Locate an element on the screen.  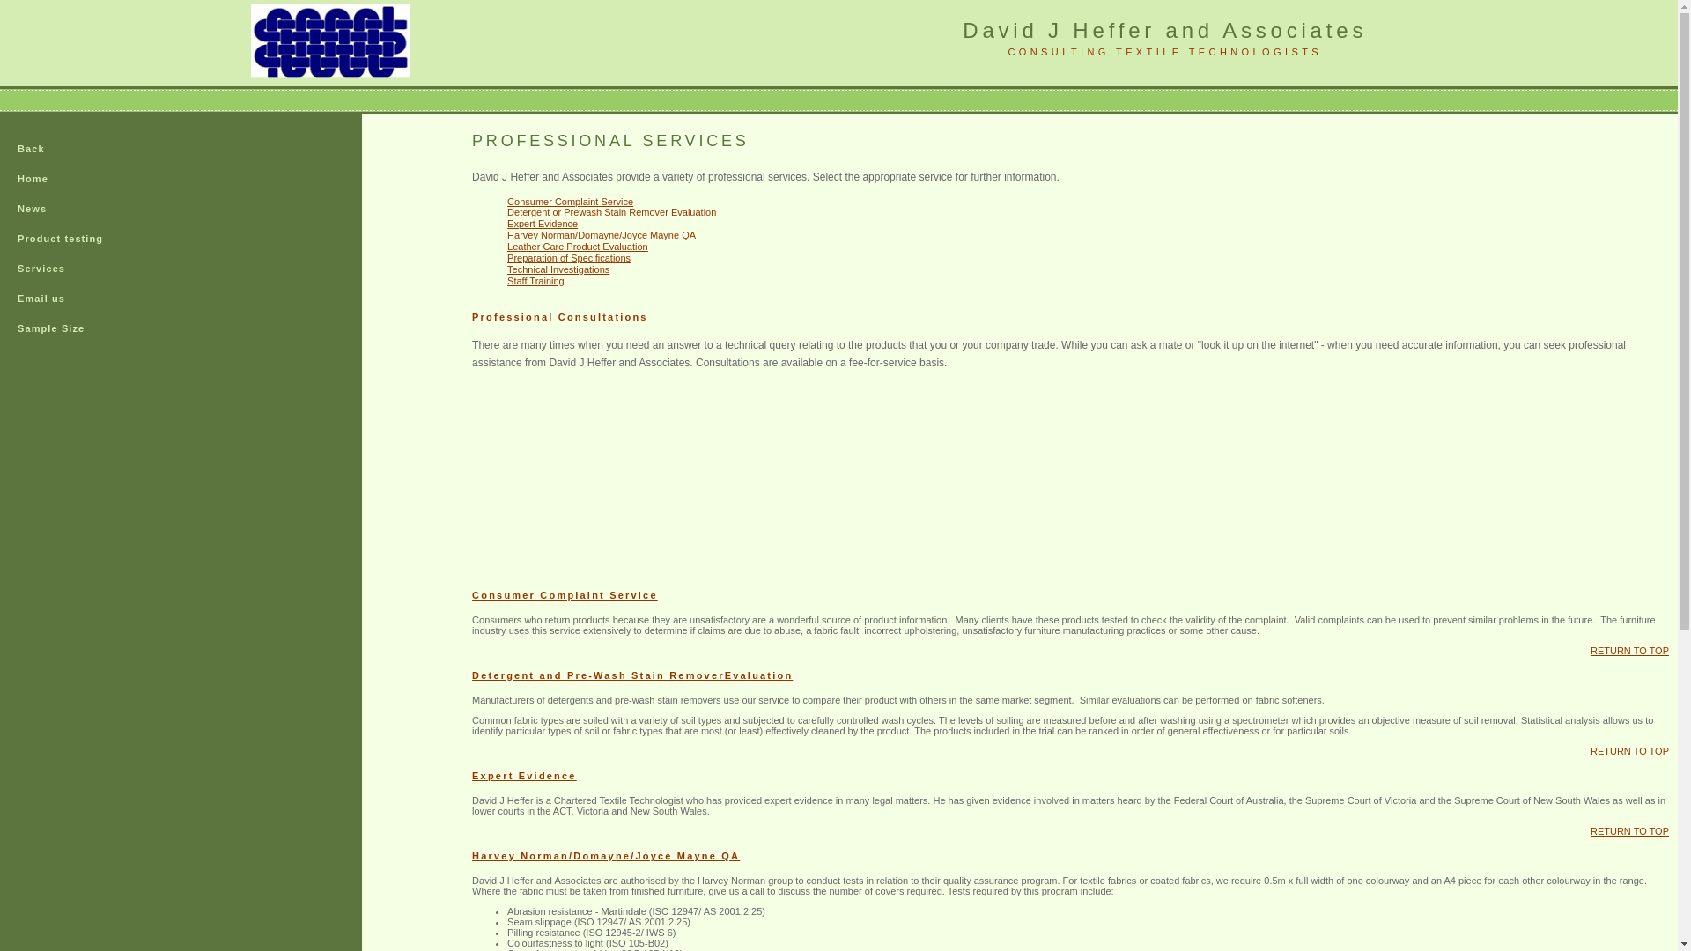
'Consumer Complaint Service' is located at coordinates (570, 200).